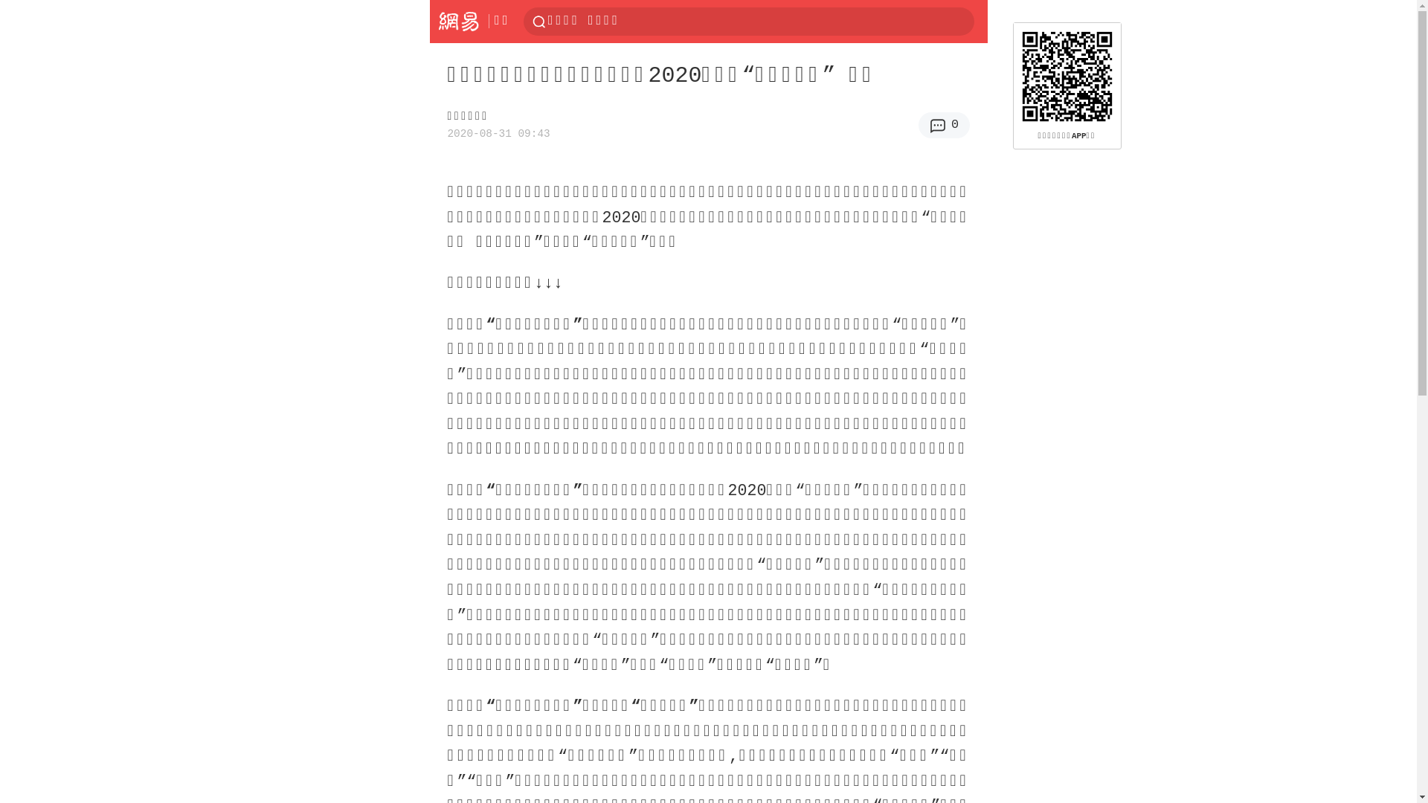  Describe the element at coordinates (917, 124) in the screenshot. I see `'0'` at that location.